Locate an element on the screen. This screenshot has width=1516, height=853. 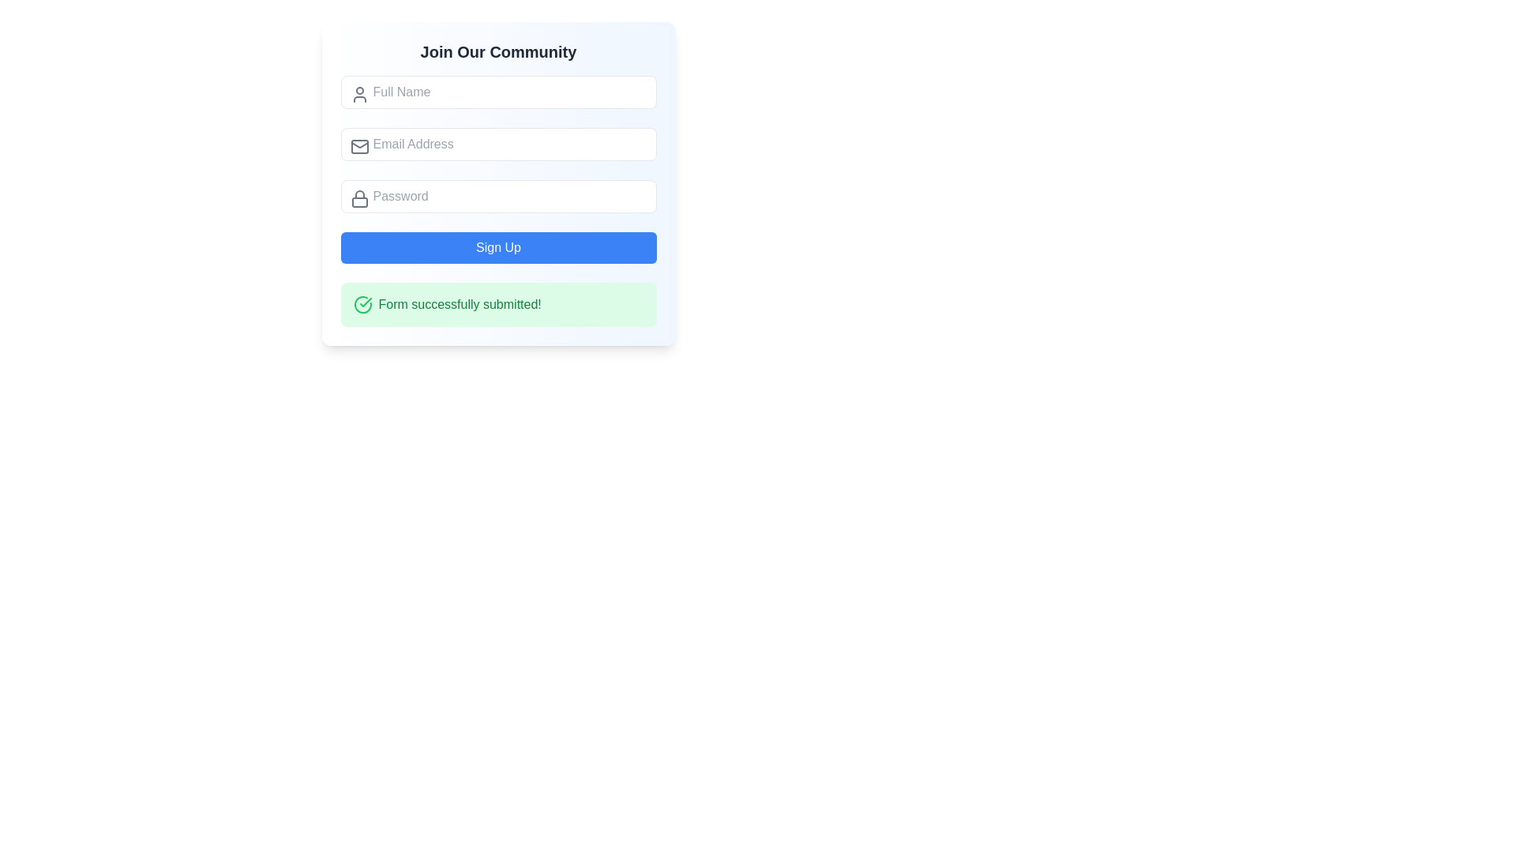
the Notification banner that confirms form submission success, located below the blue 'Sign Up' button in the modal titled 'Join Our Community' is located at coordinates (497, 304).